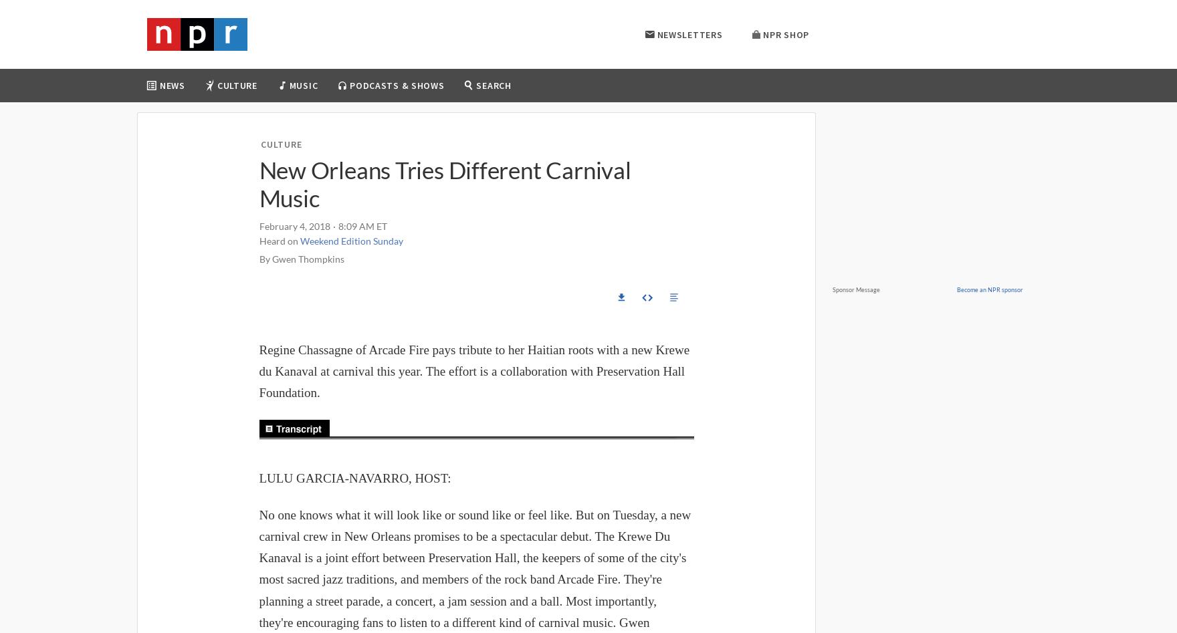 Image resolution: width=1177 pixels, height=633 pixels. What do you see at coordinates (341, 158) in the screenshot?
I see `'Pop Culture'` at bounding box center [341, 158].